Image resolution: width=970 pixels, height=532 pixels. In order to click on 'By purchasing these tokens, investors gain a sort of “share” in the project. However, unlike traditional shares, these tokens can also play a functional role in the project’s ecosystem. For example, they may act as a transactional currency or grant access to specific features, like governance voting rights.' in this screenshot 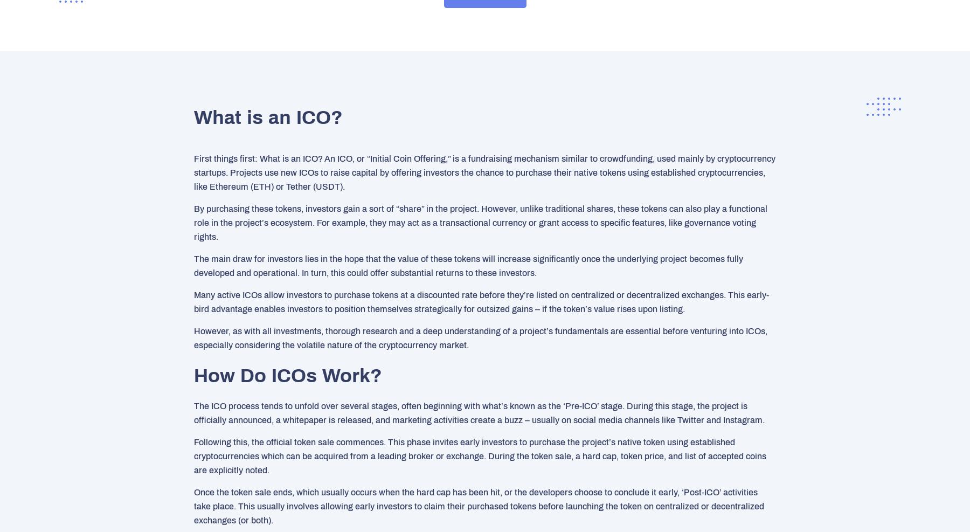, I will do `click(194, 222)`.